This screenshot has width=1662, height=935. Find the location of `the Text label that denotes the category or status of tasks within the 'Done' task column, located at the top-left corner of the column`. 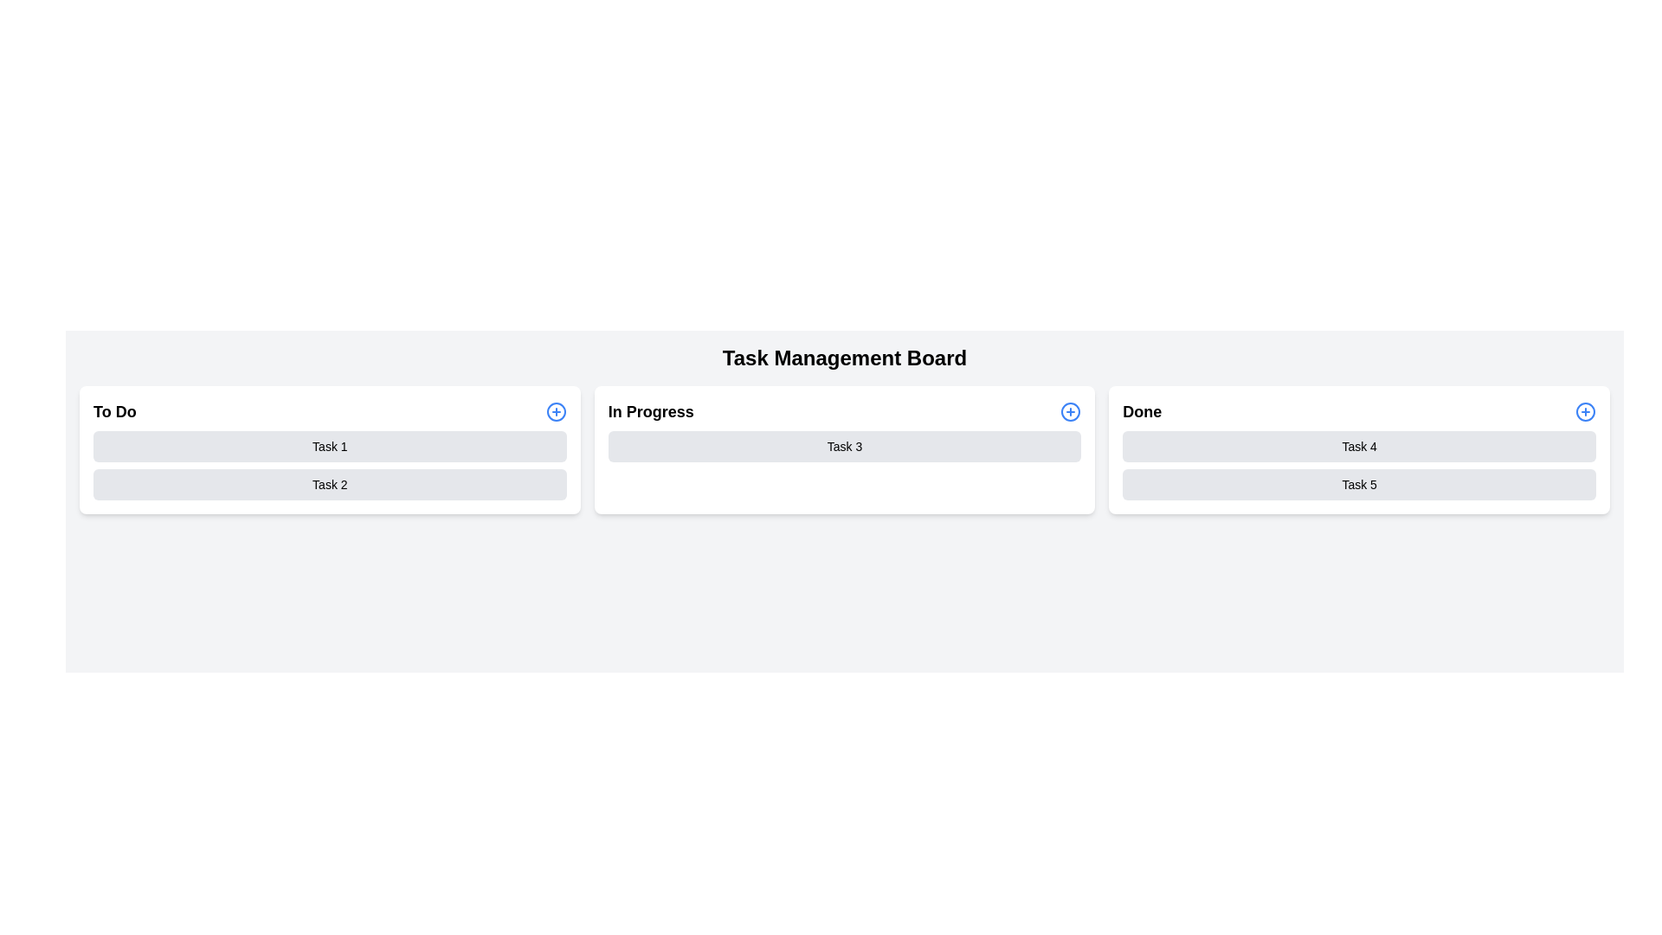

the Text label that denotes the category or status of tasks within the 'Done' task column, located at the top-left corner of the column is located at coordinates (1142, 411).